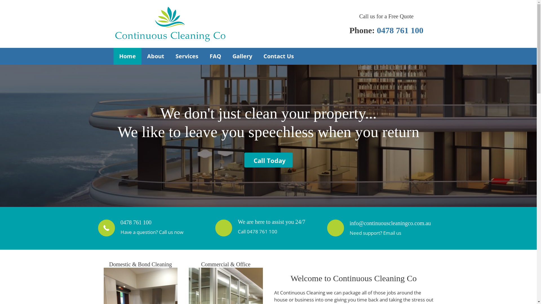 This screenshot has width=541, height=304. What do you see at coordinates (156, 56) in the screenshot?
I see `'About'` at bounding box center [156, 56].